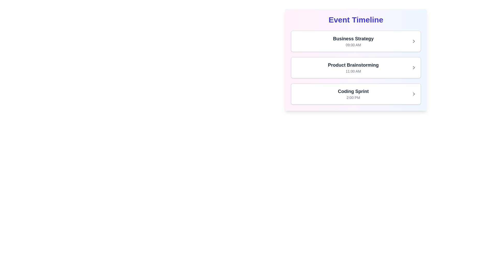  What do you see at coordinates (355, 94) in the screenshot?
I see `the interactive list item labeled 'Coding Sprint'` at bounding box center [355, 94].